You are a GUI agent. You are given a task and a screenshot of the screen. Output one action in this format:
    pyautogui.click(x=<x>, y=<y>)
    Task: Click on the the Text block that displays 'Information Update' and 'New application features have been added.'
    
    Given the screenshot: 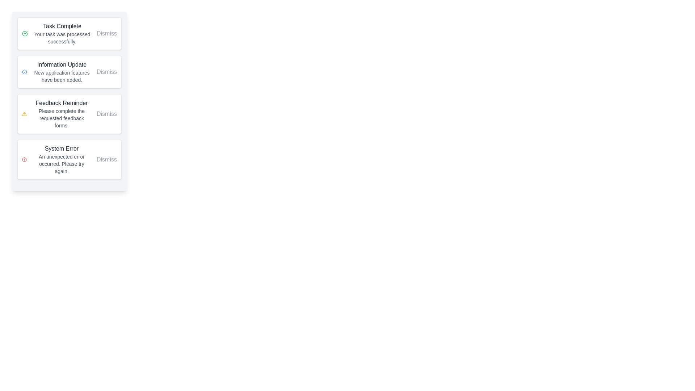 What is the action you would take?
    pyautogui.click(x=62, y=72)
    